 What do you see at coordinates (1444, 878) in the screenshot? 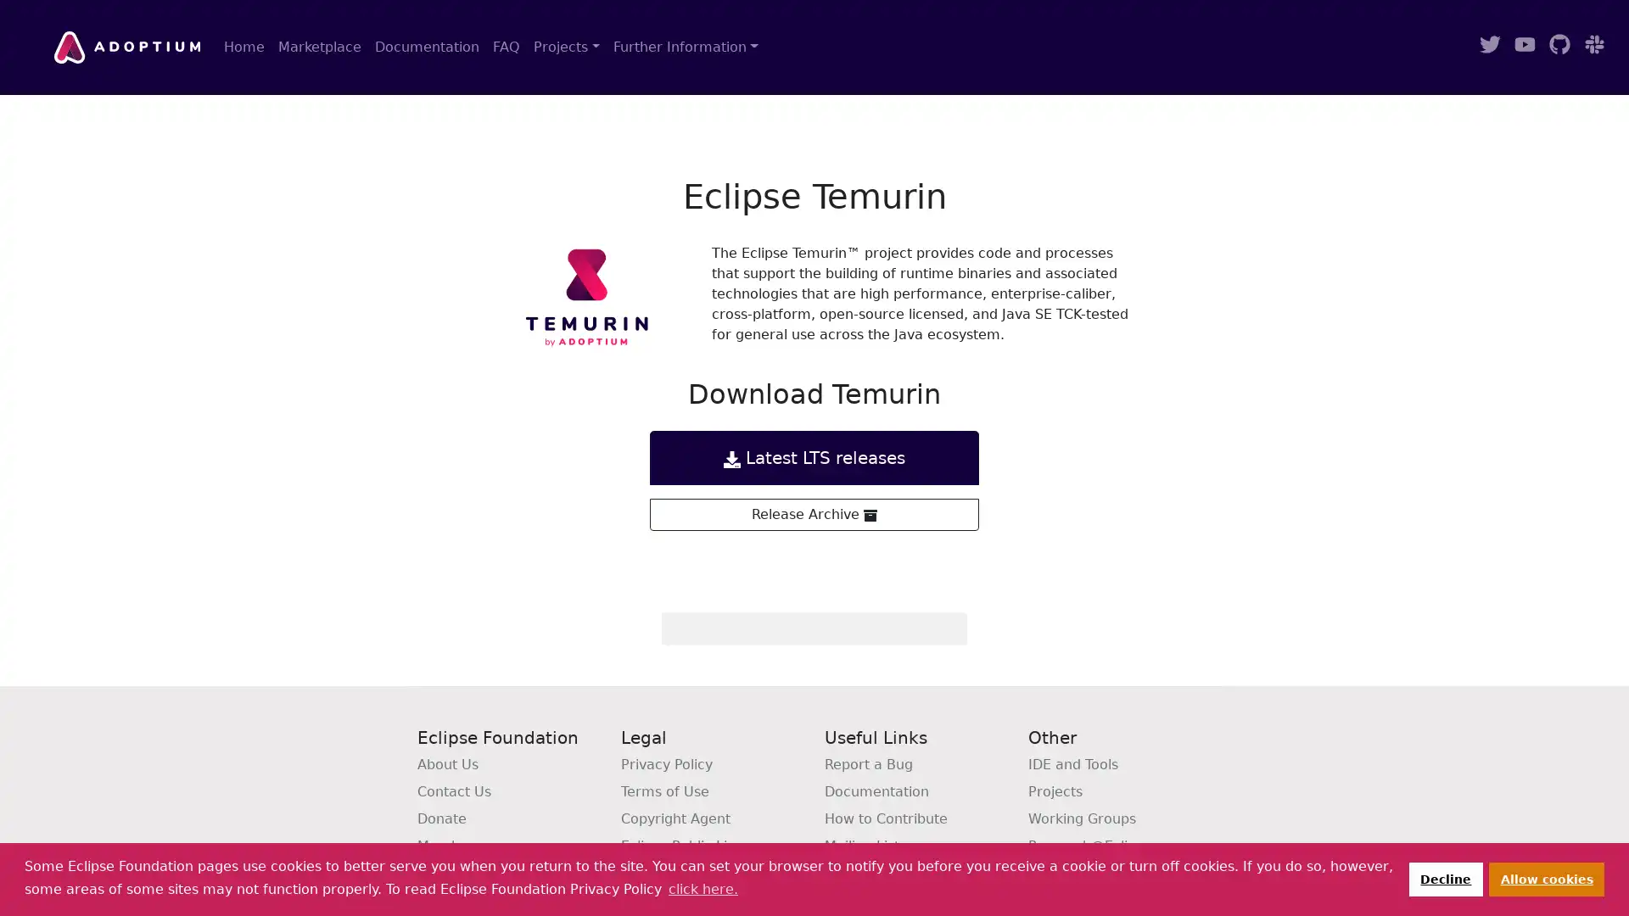
I see `deny cookies` at bounding box center [1444, 878].